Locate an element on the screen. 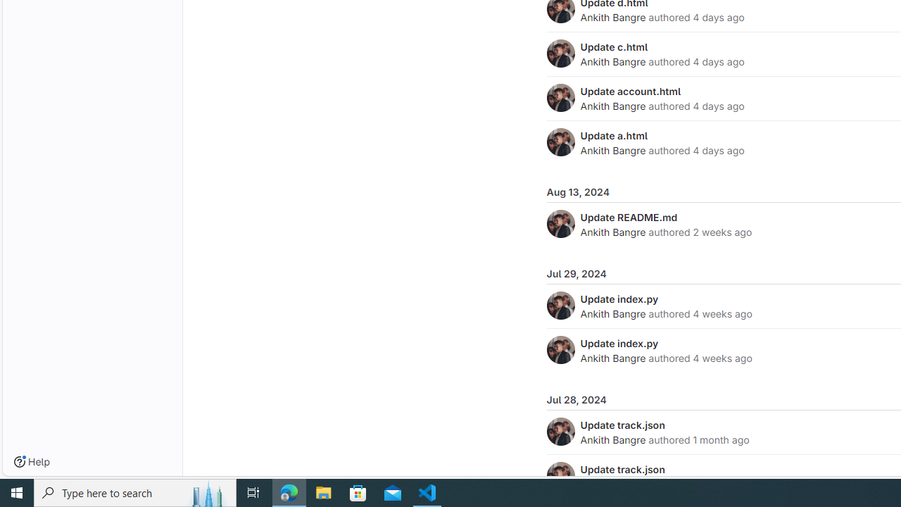 This screenshot has height=507, width=901. 'Update account.html' is located at coordinates (630, 91).